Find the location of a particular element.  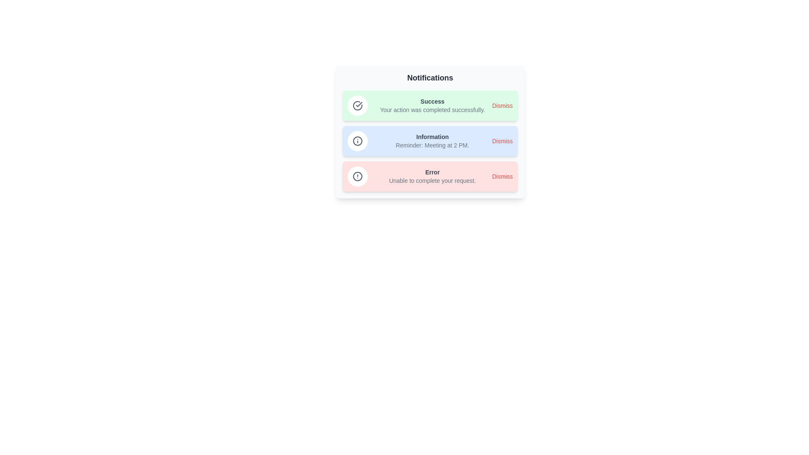

the icon of the Error notification is located at coordinates (358, 176).